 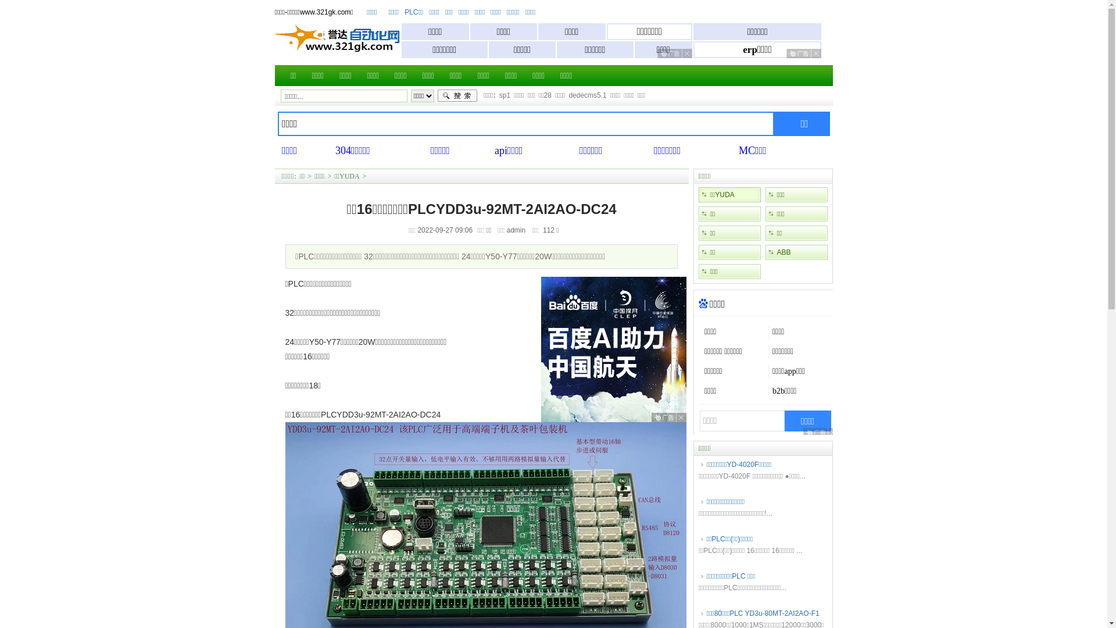 What do you see at coordinates (795, 252) in the screenshot?
I see `'ABB'` at bounding box center [795, 252].